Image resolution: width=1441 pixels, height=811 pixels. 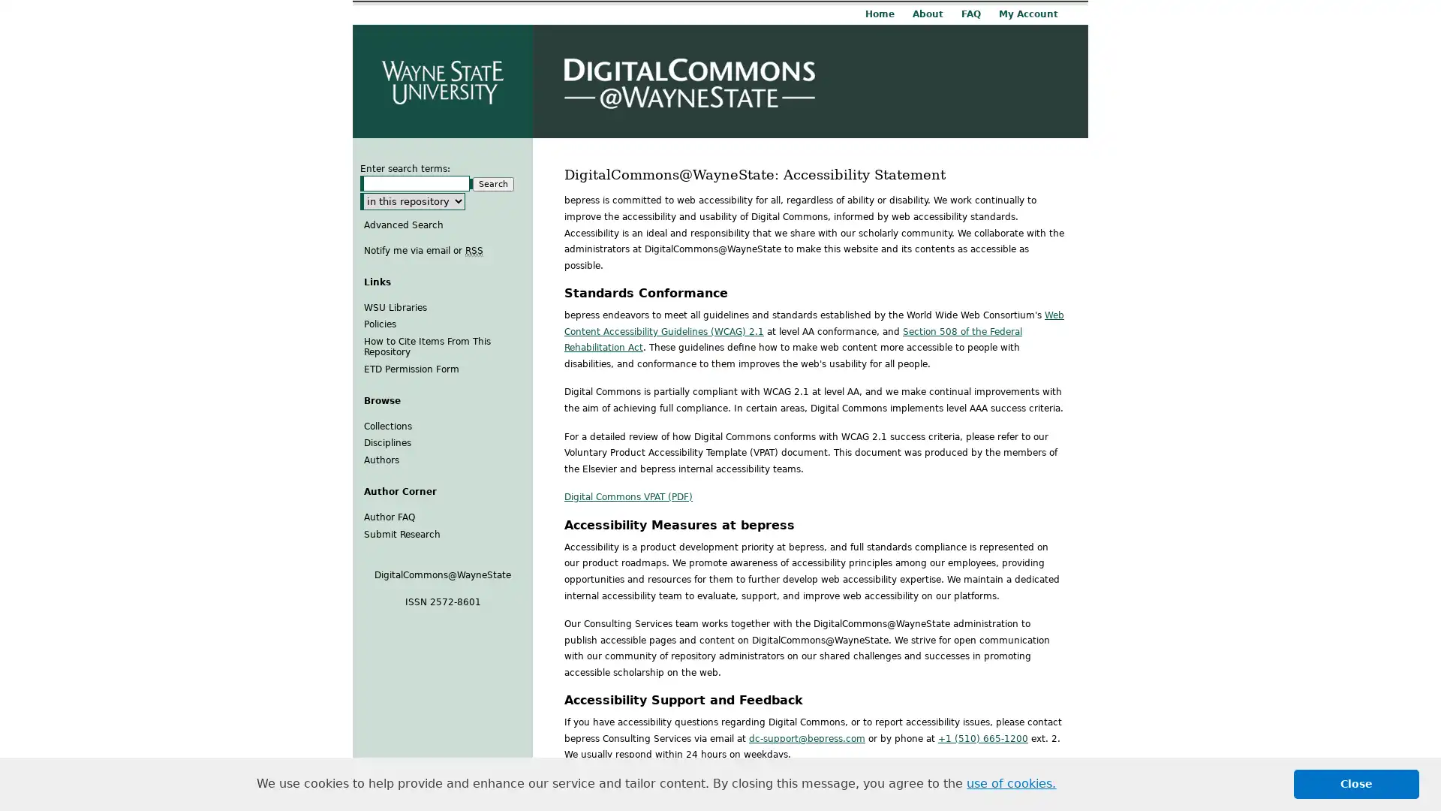 What do you see at coordinates (493, 183) in the screenshot?
I see `Search` at bounding box center [493, 183].